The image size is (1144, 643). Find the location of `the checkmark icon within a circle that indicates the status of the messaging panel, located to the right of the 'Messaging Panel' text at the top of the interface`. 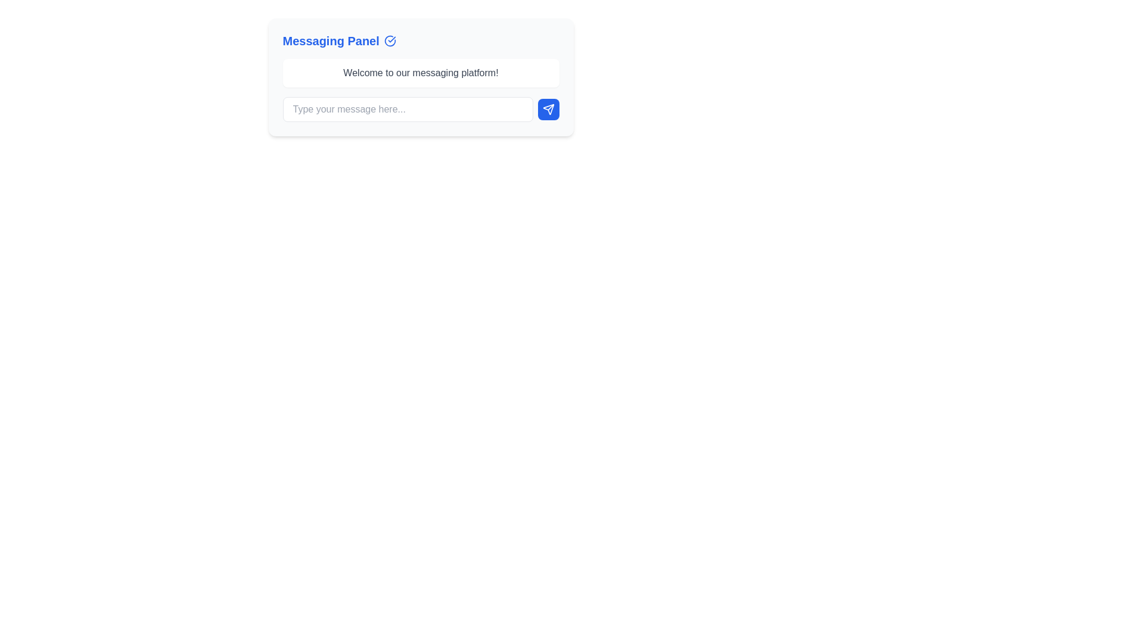

the checkmark icon within a circle that indicates the status of the messaging panel, located to the right of the 'Messaging Panel' text at the top of the interface is located at coordinates (390, 40).